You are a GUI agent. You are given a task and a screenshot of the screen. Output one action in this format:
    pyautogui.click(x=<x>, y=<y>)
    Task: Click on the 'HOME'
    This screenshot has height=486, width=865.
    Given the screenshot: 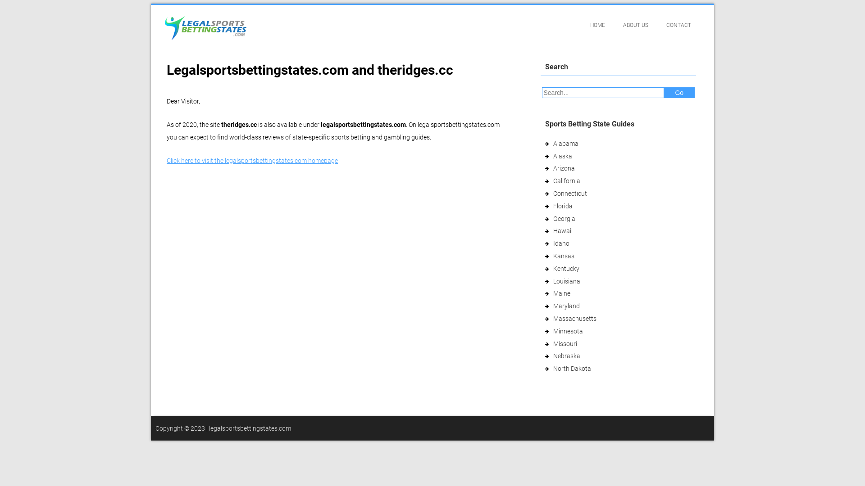 What is the action you would take?
    pyautogui.click(x=597, y=25)
    